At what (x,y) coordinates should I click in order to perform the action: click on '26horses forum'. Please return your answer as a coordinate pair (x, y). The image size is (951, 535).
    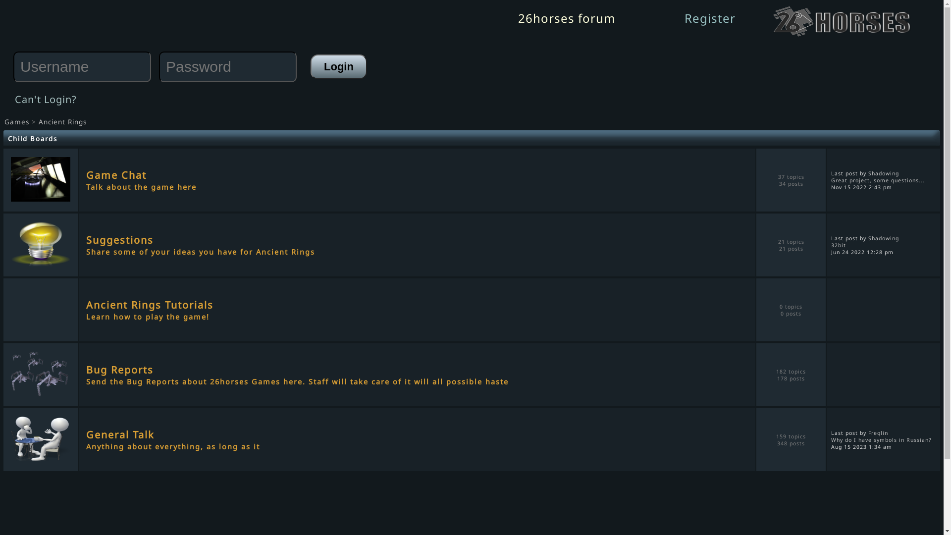
    Looking at the image, I should click on (566, 18).